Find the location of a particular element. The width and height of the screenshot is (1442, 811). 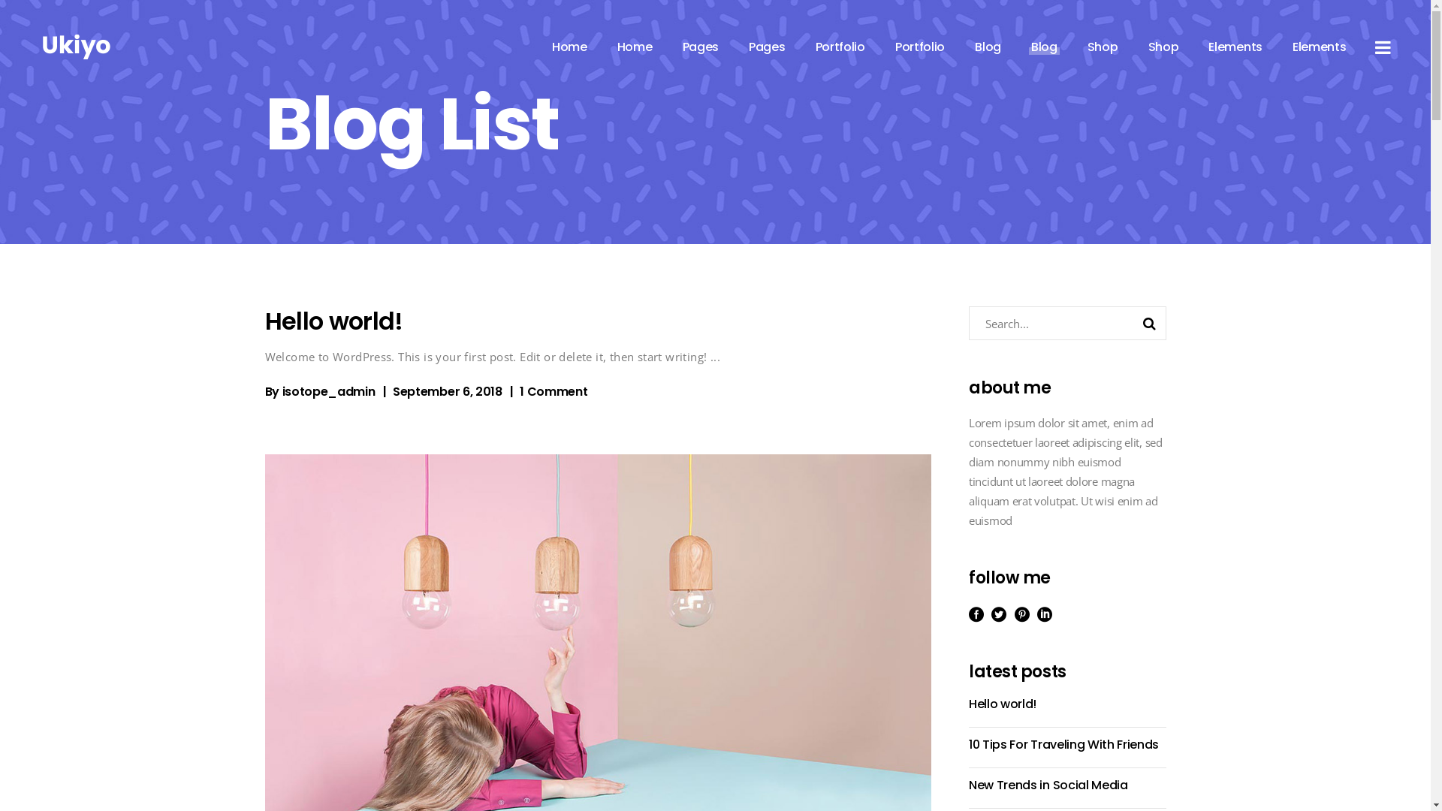

'Portfolio' is located at coordinates (919, 46).